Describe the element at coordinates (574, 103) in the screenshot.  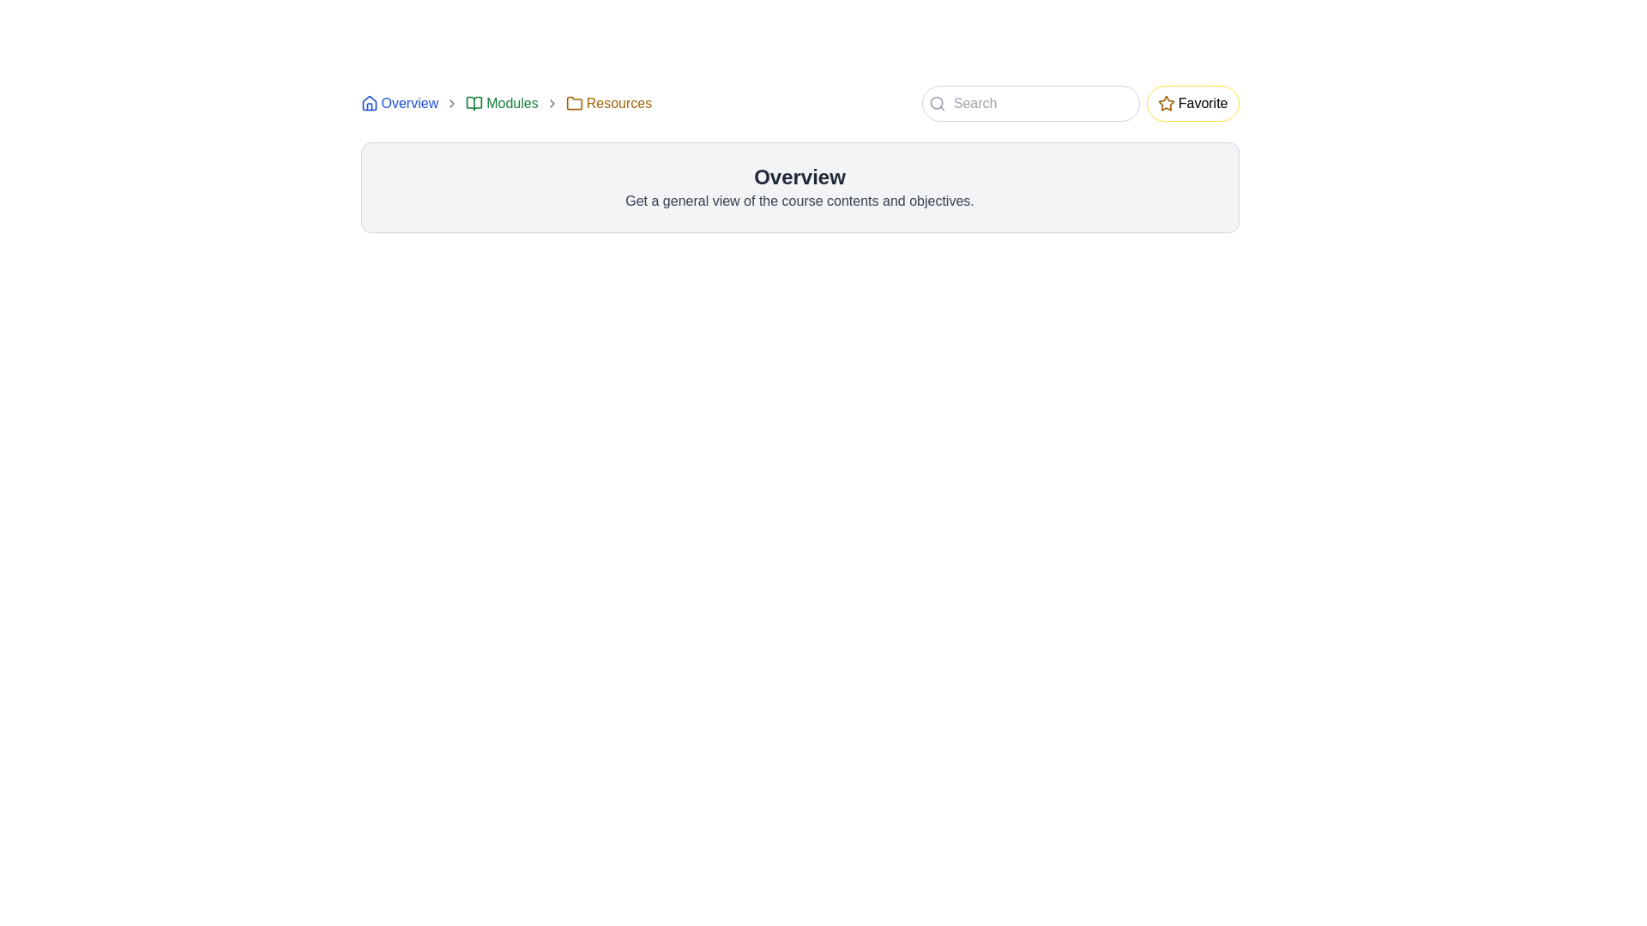
I see `the folder icon in the breadcrumb navigation that represents the 'Resources' section` at that location.